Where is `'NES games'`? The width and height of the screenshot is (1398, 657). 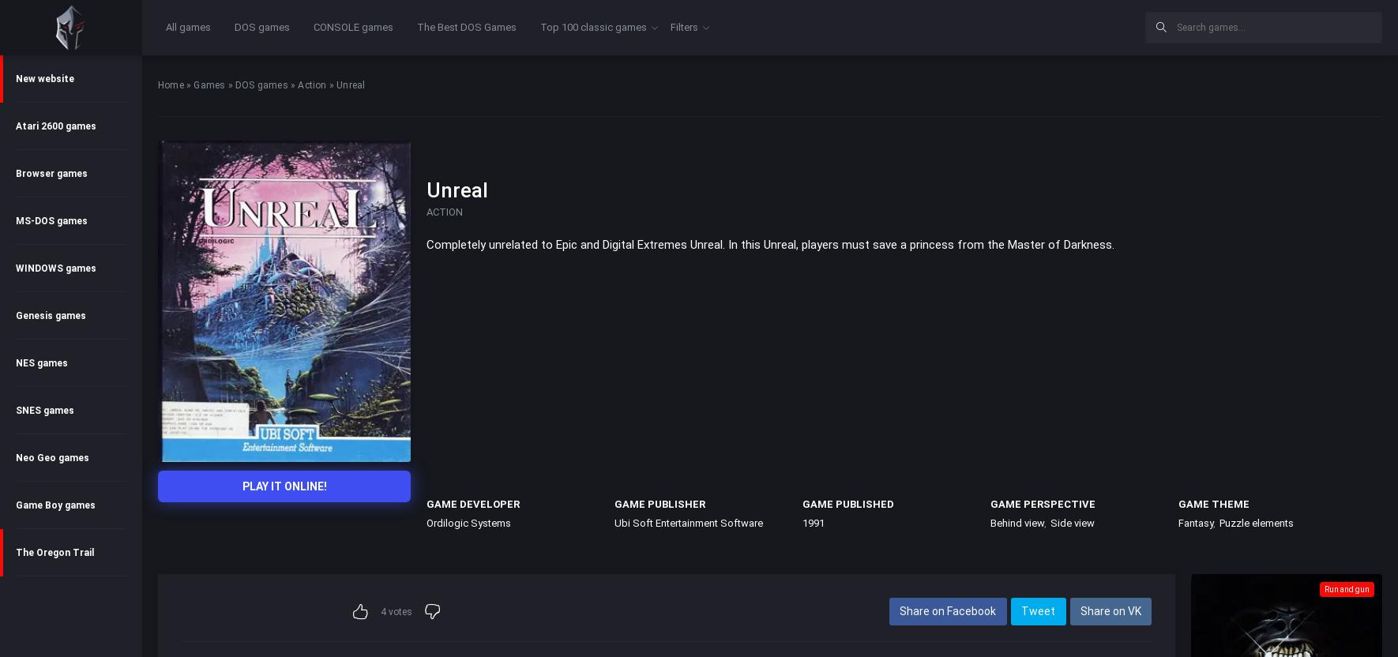 'NES games' is located at coordinates (15, 363).